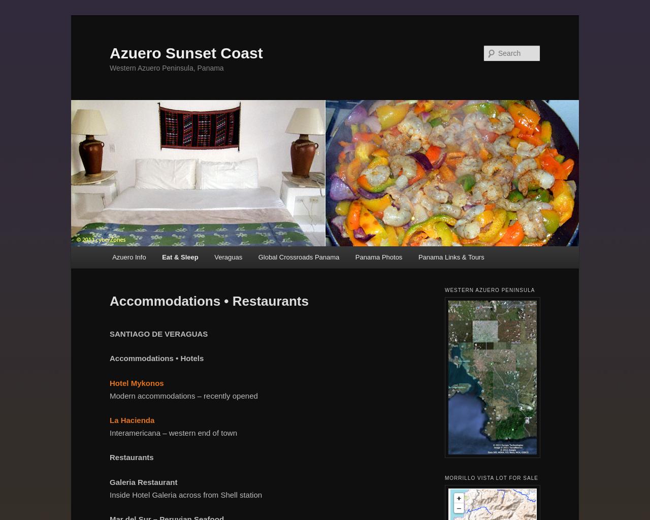 The height and width of the screenshot is (520, 650). What do you see at coordinates (490, 289) in the screenshot?
I see `'Western Azuero Peninsula'` at bounding box center [490, 289].